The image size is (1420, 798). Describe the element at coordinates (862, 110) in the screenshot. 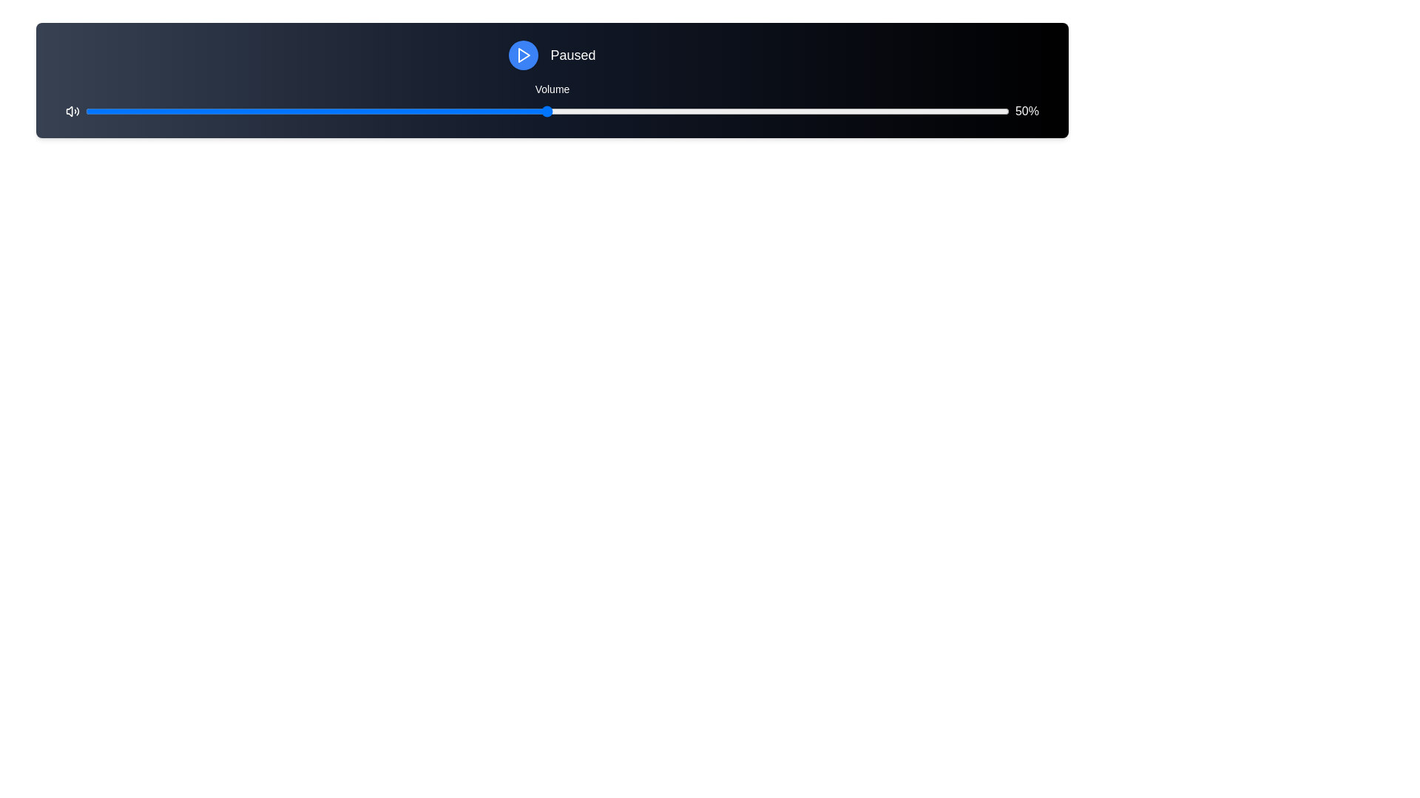

I see `the volume level` at that location.